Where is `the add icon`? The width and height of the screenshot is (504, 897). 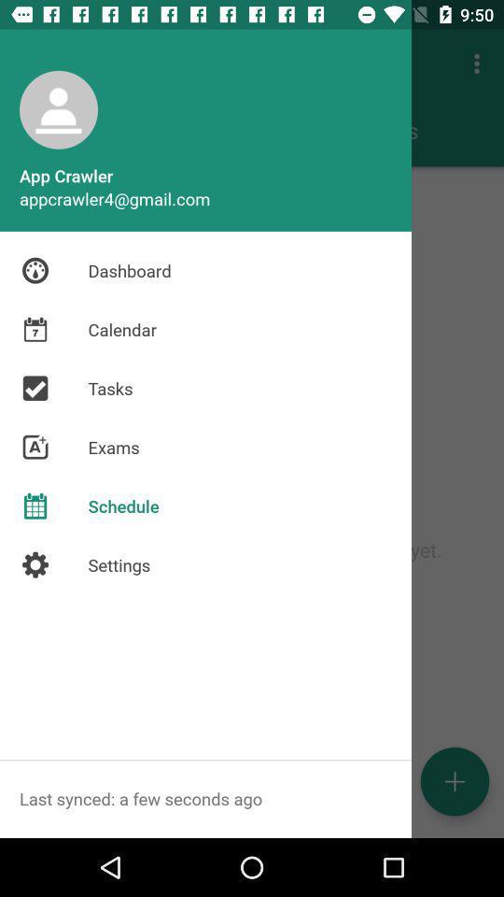
the add icon is located at coordinates (454, 781).